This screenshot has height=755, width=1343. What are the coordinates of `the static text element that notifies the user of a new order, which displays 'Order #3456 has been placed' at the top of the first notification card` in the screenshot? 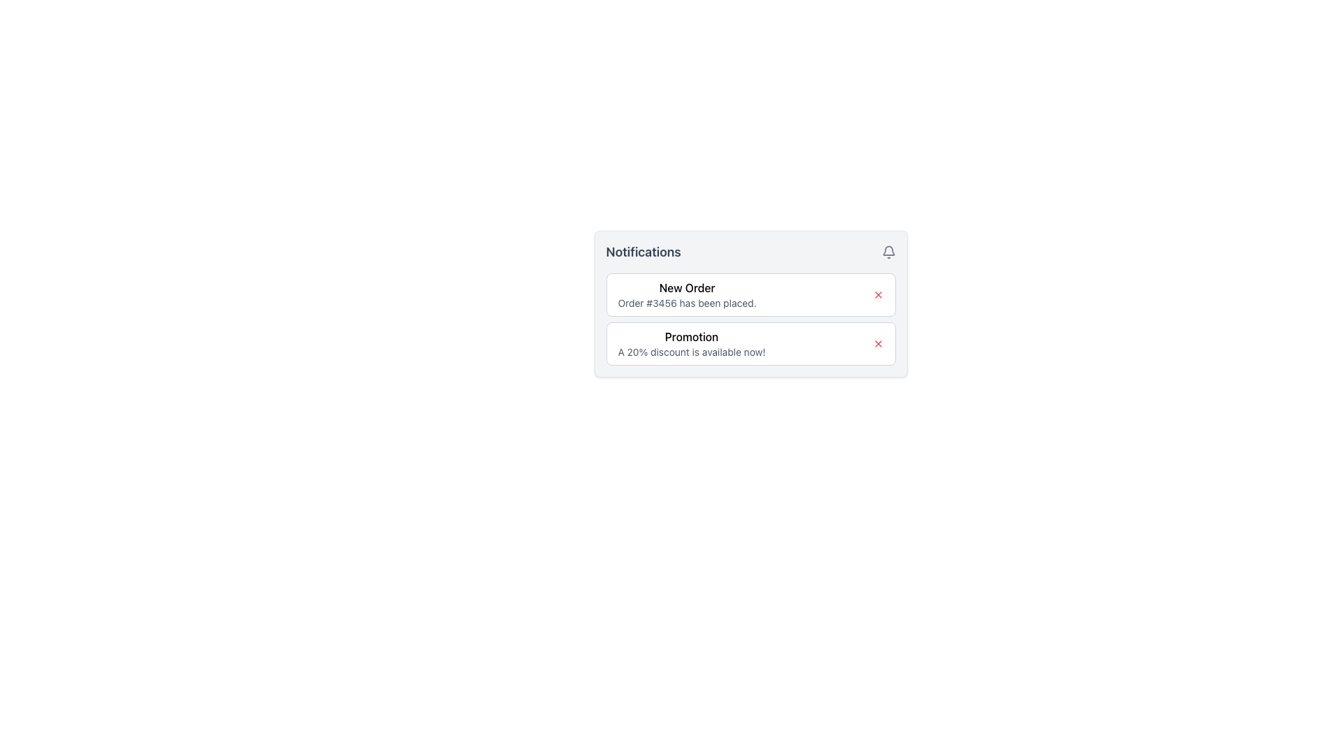 It's located at (687, 294).